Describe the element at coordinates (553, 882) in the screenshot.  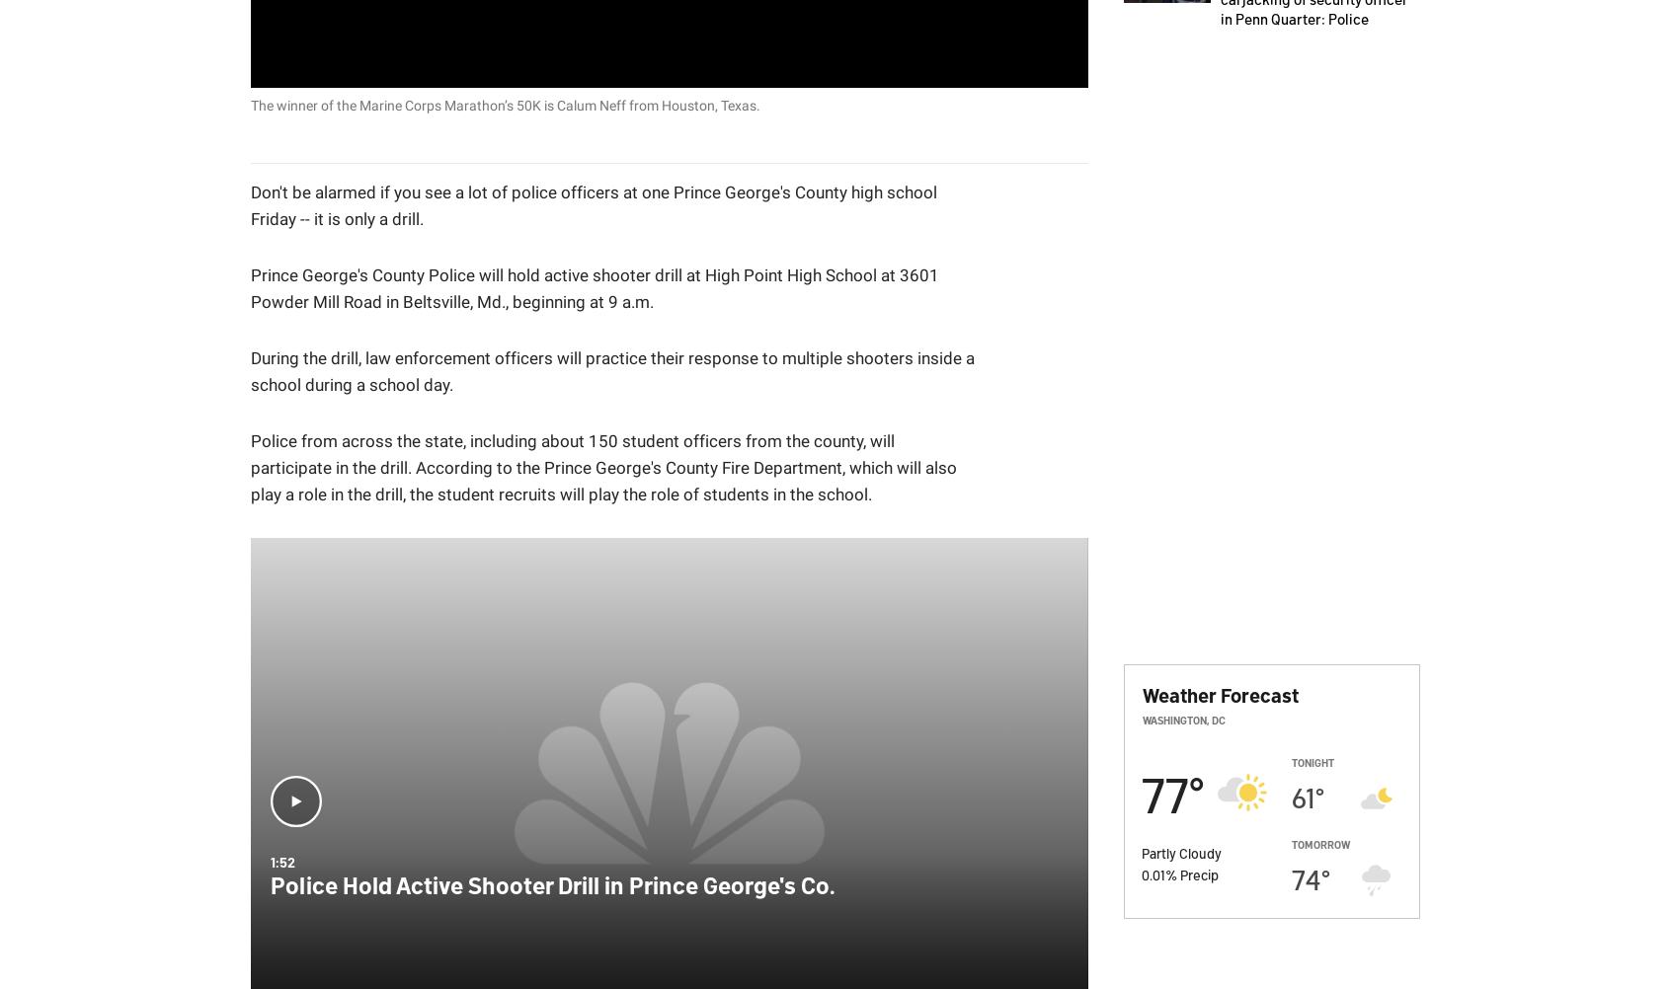
I see `'Police Hold Active Shooter Drill in Prince George's Co.'` at that location.